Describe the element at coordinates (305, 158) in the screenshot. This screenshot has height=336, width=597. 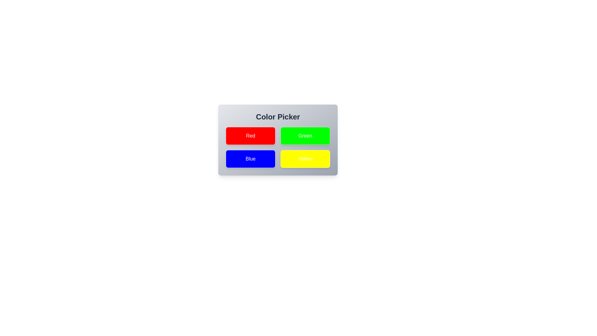
I see `the button corresponding to the color Yellow` at that location.